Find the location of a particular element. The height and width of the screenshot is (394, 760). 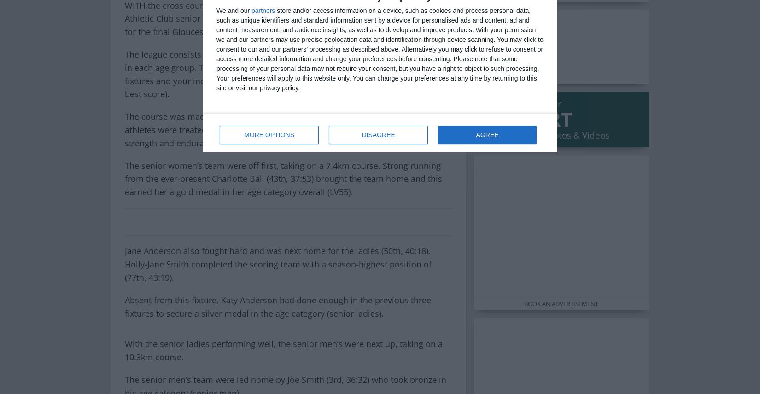

'Absent from this fixture, Katy Anderson had done enough in the previous three fixtures to secure a silver medal in the age category (senior ladies).' is located at coordinates (277, 306).